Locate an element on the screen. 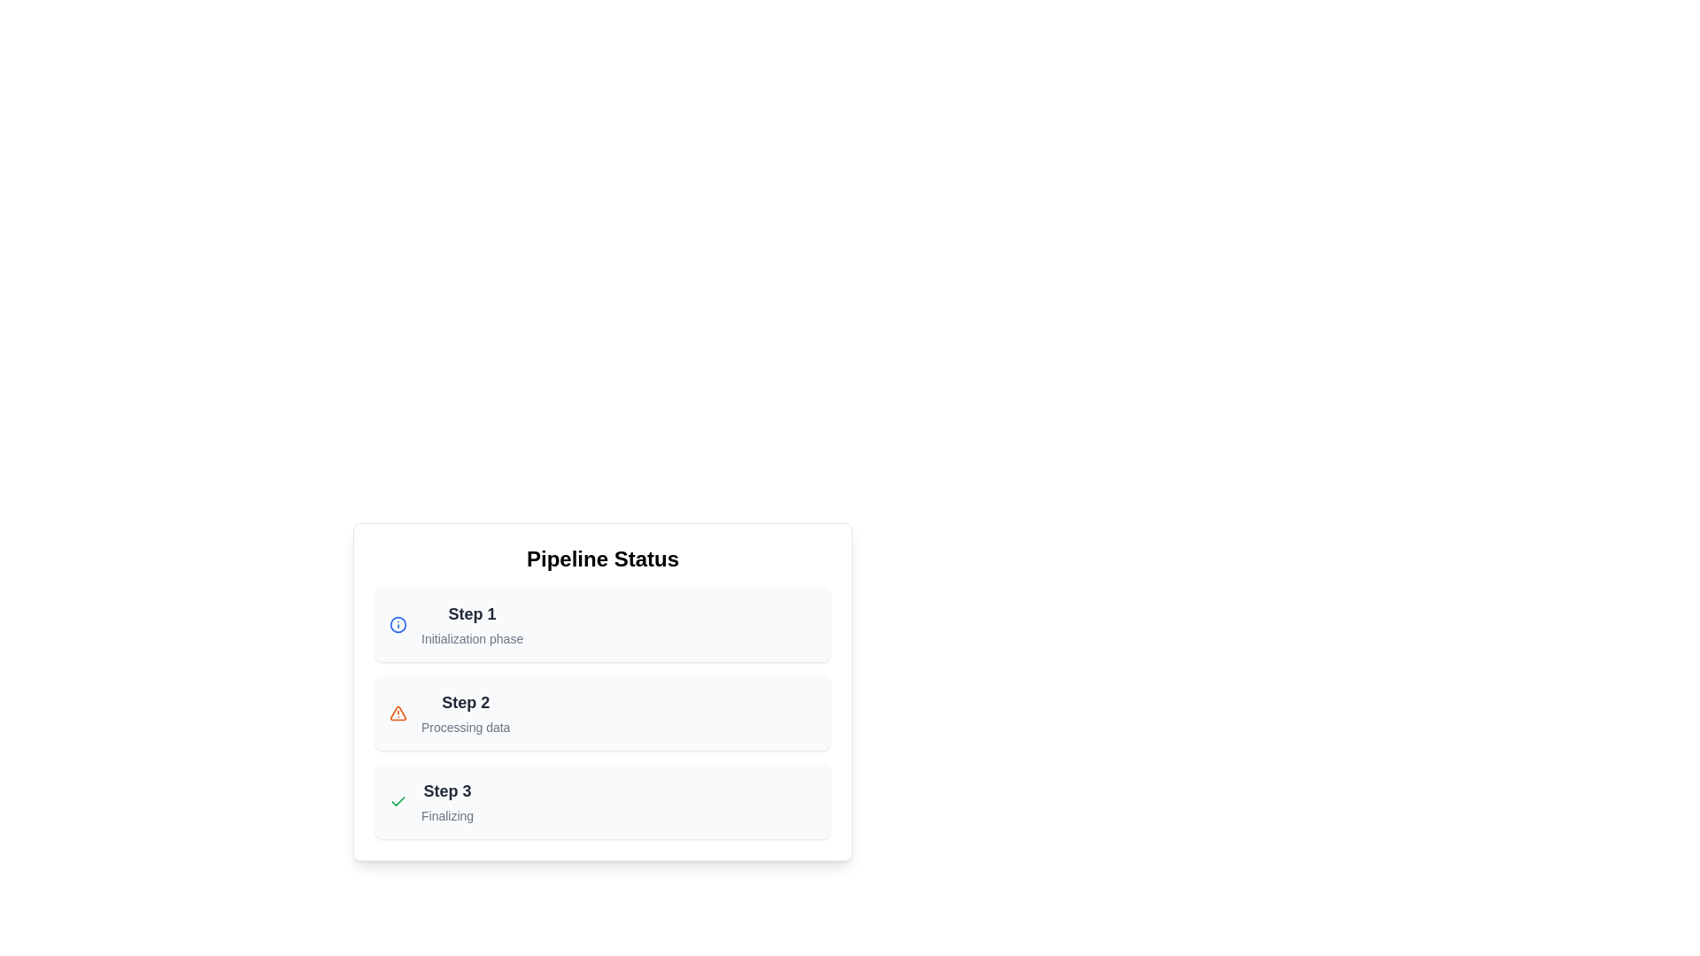 The width and height of the screenshot is (1700, 956). the label indicating the current phase as 'Finalizing', which is positioned under 'Step 3' in the vertically stacked list of steps is located at coordinates (447, 815).